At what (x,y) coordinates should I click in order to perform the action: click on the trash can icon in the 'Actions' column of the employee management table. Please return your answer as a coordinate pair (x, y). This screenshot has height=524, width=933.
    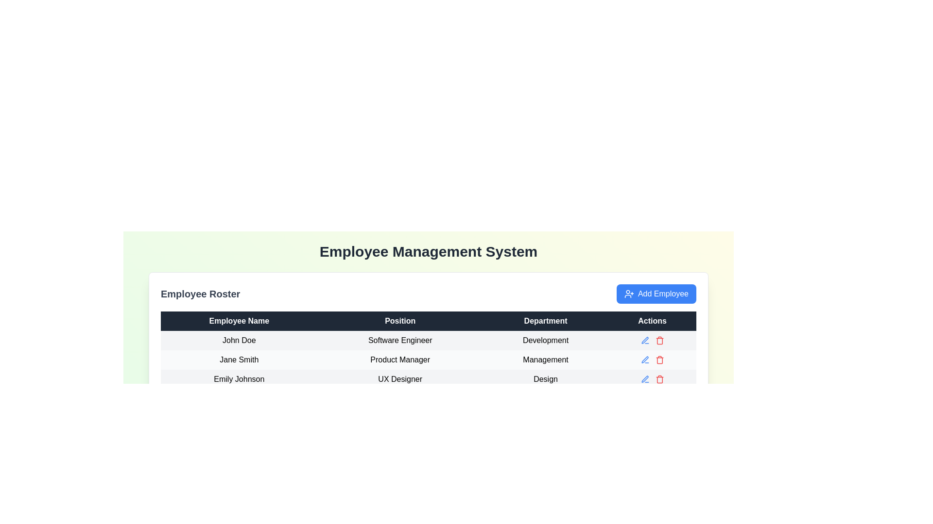
    Looking at the image, I should click on (659, 360).